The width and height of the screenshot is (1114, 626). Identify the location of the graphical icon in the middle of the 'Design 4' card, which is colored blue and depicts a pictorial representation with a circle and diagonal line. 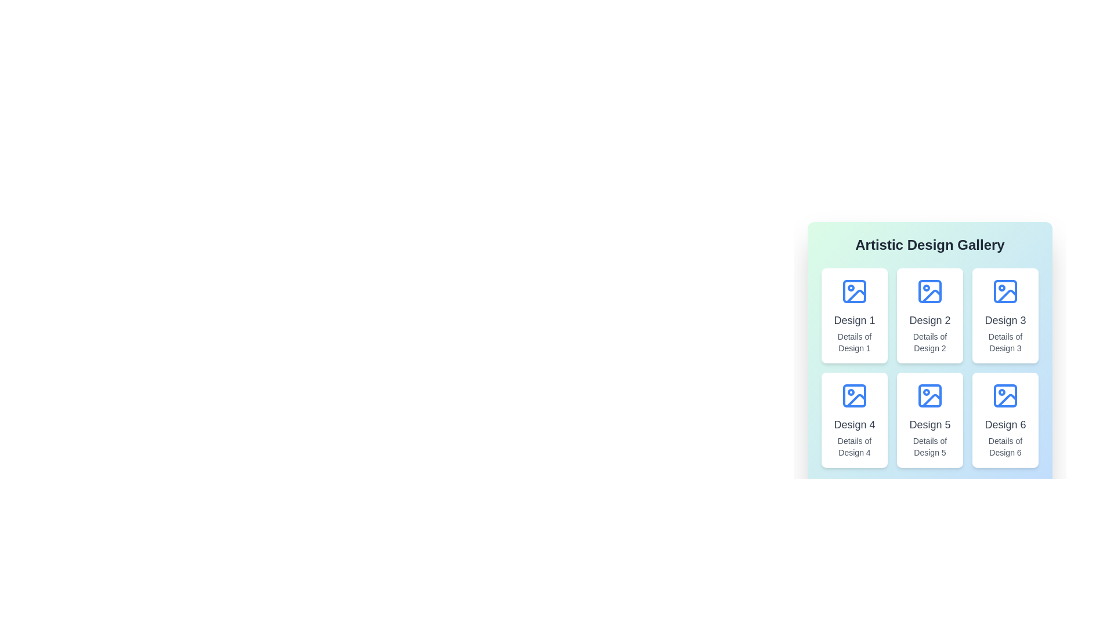
(855, 395).